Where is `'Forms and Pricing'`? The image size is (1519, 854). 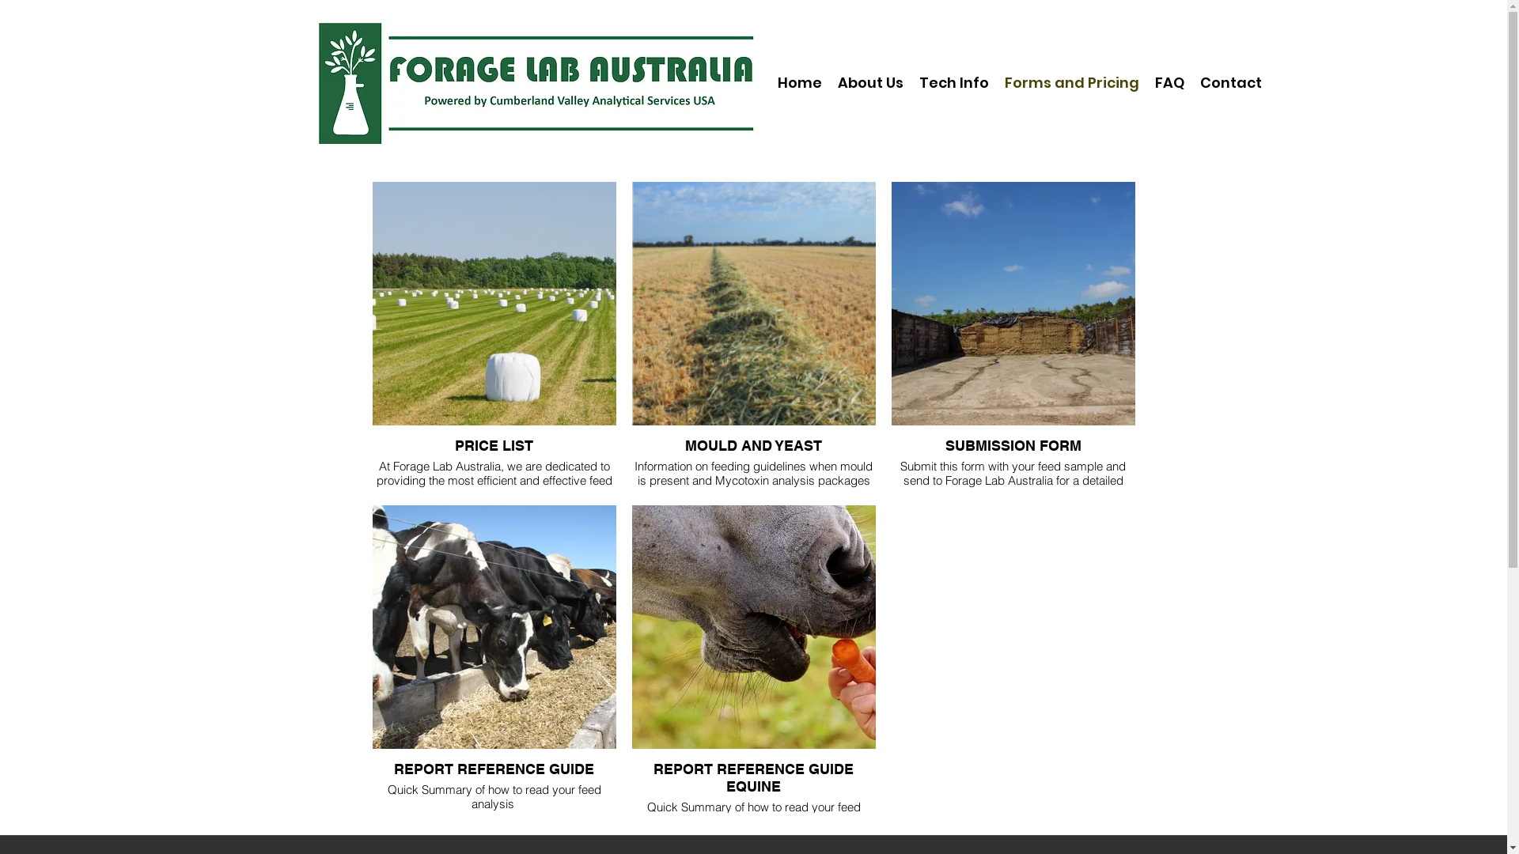
'Forms and Pricing' is located at coordinates (1071, 82).